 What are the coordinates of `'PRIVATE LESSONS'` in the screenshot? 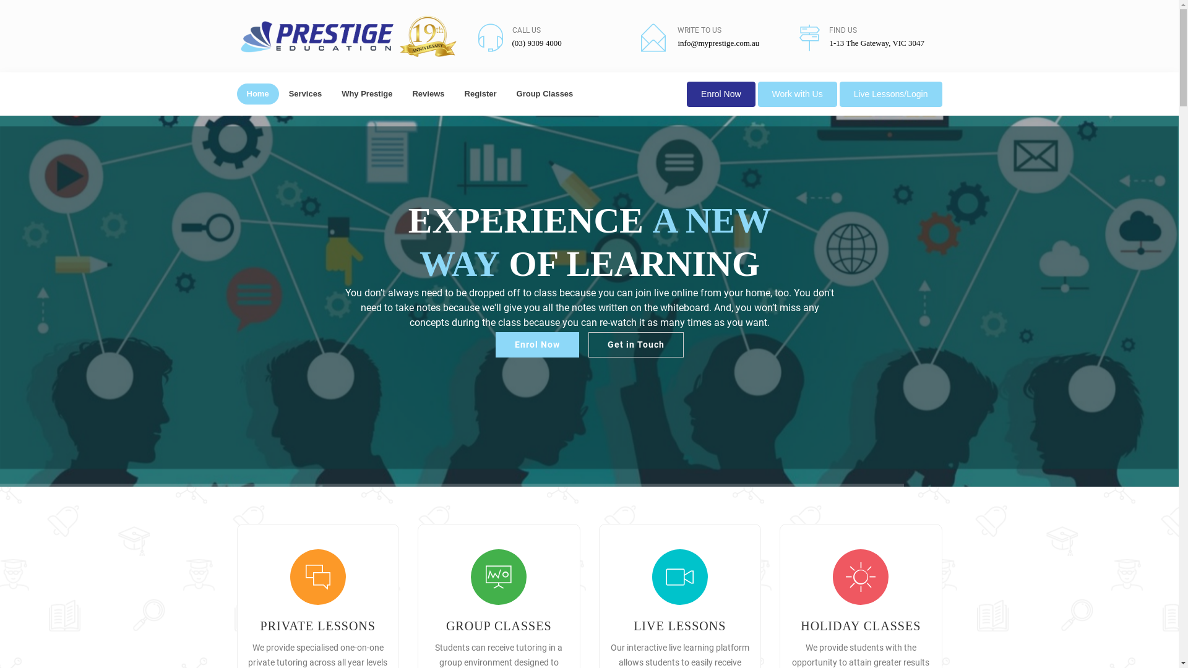 It's located at (260, 625).